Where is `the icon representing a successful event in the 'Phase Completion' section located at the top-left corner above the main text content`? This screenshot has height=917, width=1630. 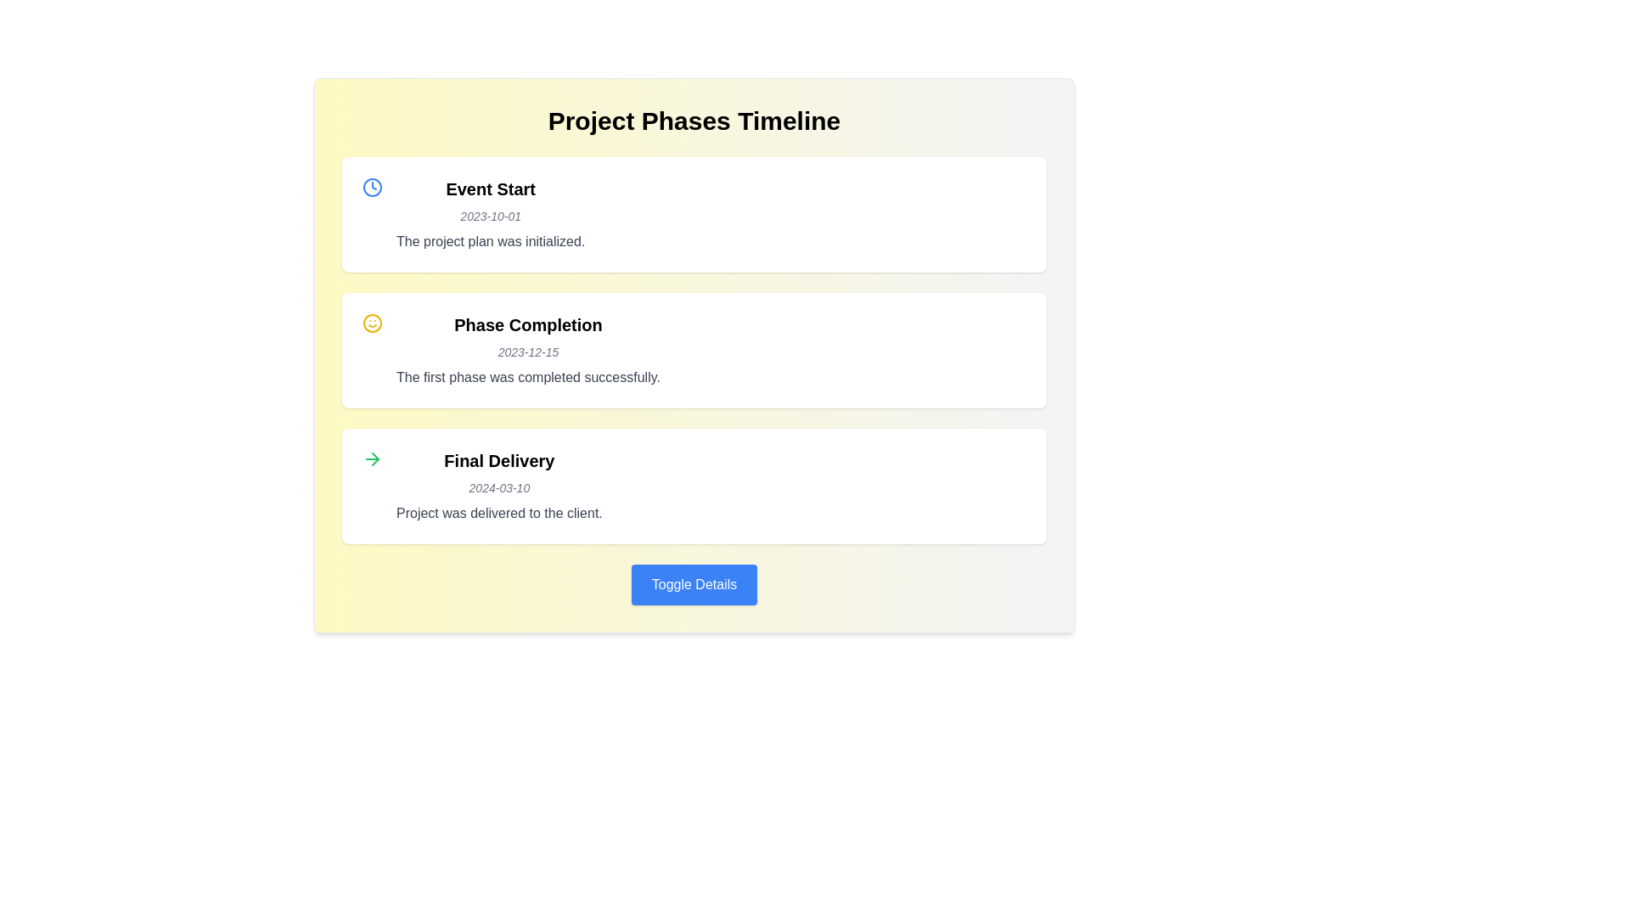 the icon representing a successful event in the 'Phase Completion' section located at the top-left corner above the main text content is located at coordinates (371, 323).